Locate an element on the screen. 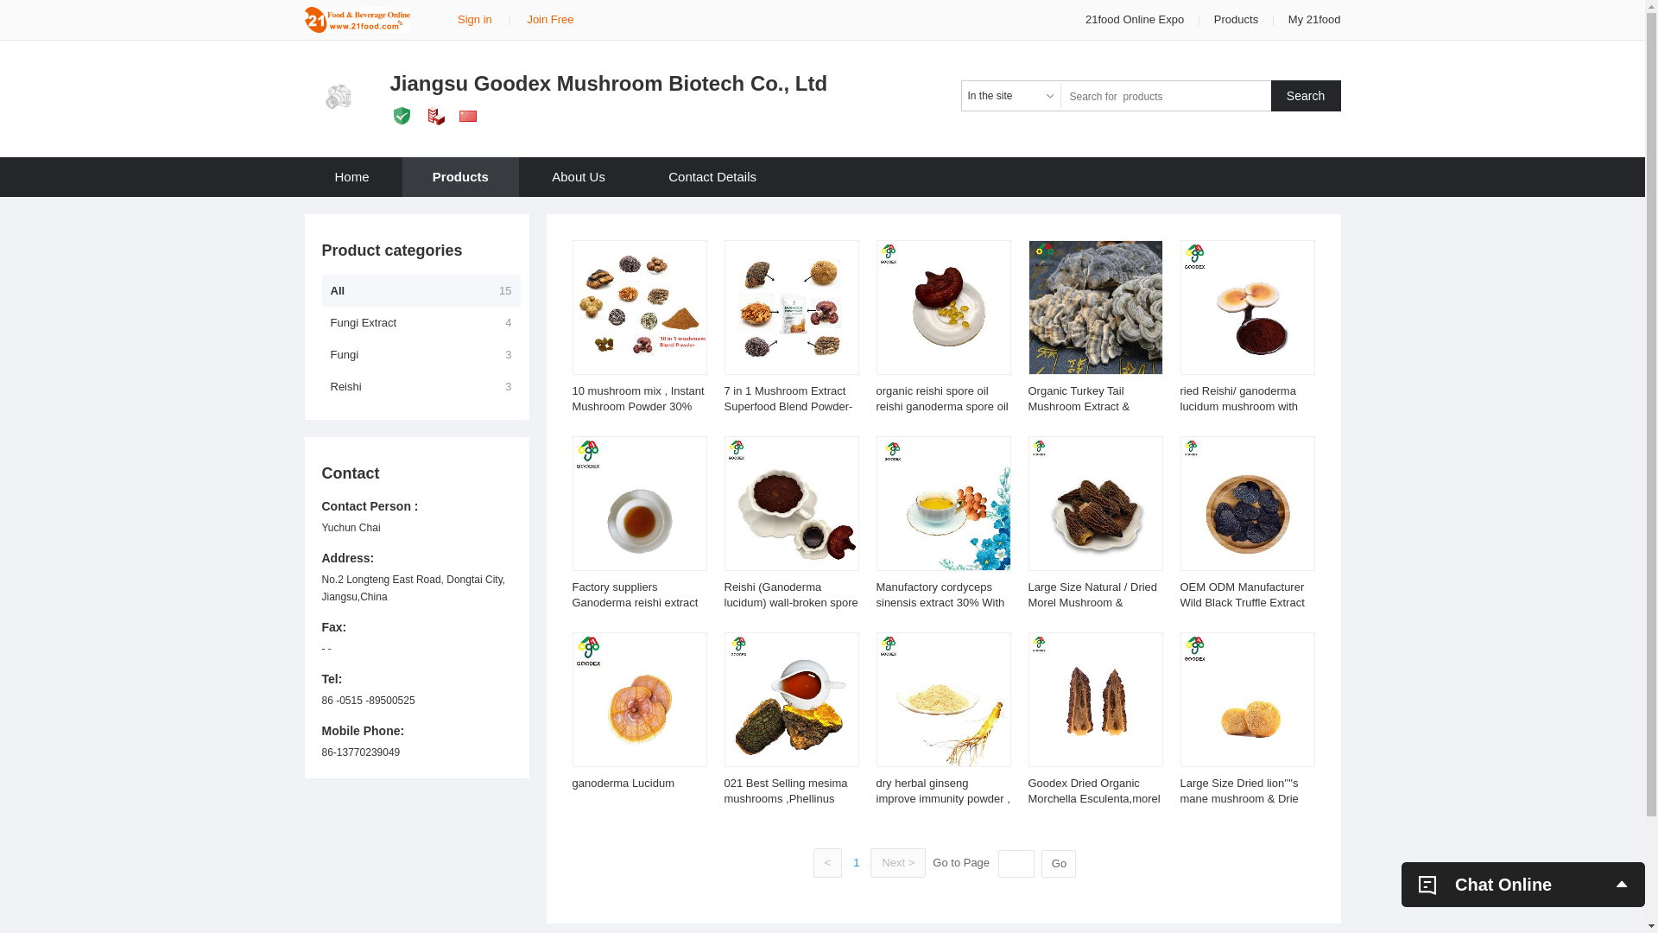 The width and height of the screenshot is (1658, 933). 'Contact Details' is located at coordinates (712, 176).